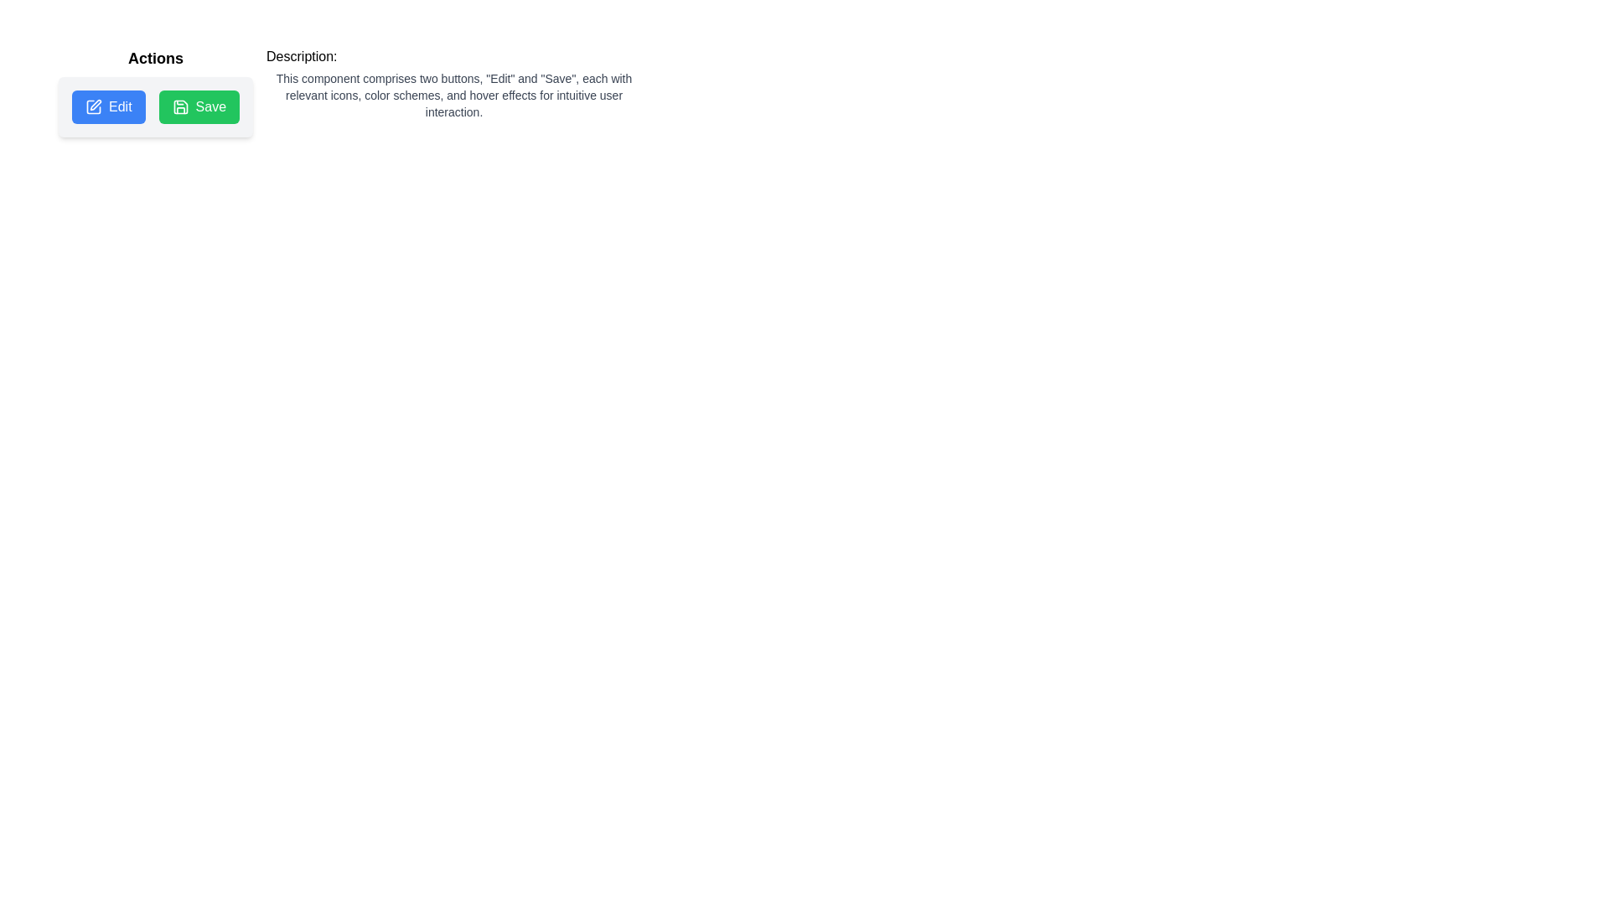 This screenshot has width=1609, height=905. Describe the element at coordinates (180, 106) in the screenshot. I see `the floppy disk icon within the 'Save' button` at that location.